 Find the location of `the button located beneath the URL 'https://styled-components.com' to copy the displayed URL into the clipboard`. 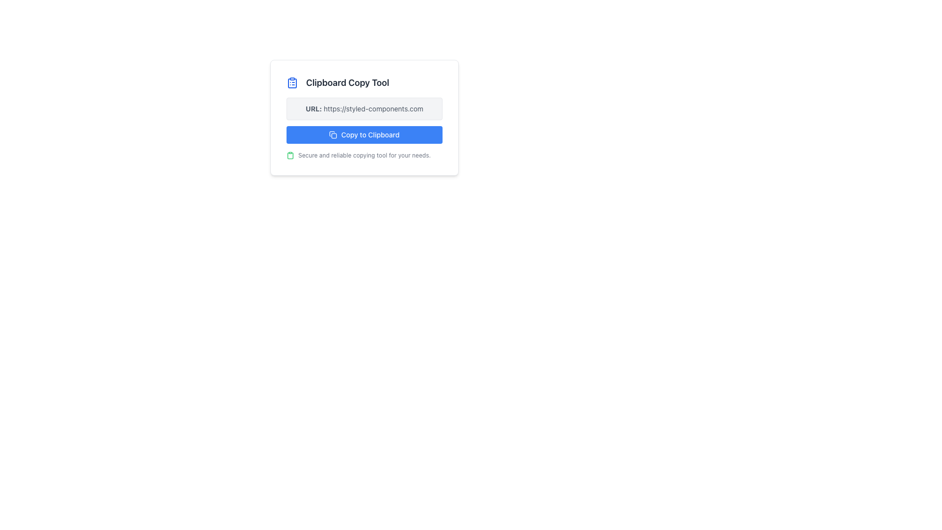

the button located beneath the URL 'https://styled-components.com' to copy the displayed URL into the clipboard is located at coordinates (364, 134).